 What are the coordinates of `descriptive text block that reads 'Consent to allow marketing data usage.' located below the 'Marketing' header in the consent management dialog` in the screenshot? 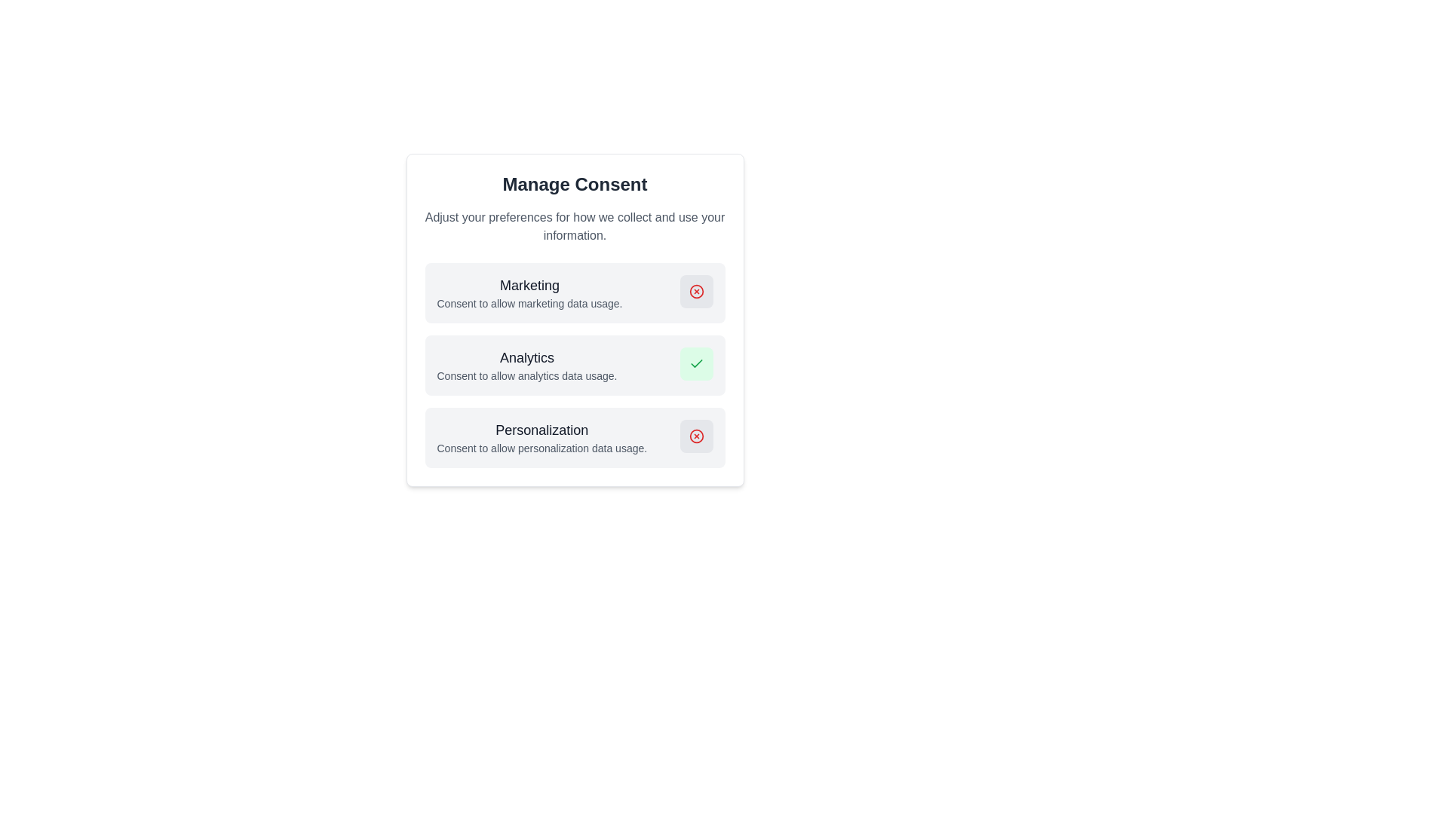 It's located at (529, 303).